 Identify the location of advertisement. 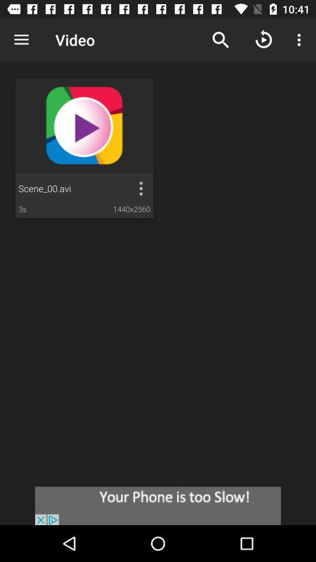
(158, 505).